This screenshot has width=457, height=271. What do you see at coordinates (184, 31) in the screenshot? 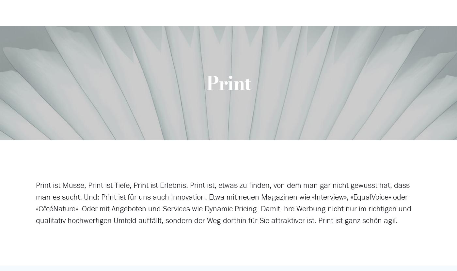
I see `'Programmatic'` at bounding box center [184, 31].